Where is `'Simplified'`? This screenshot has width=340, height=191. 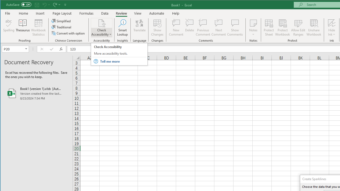 'Simplified' is located at coordinates (61, 21).